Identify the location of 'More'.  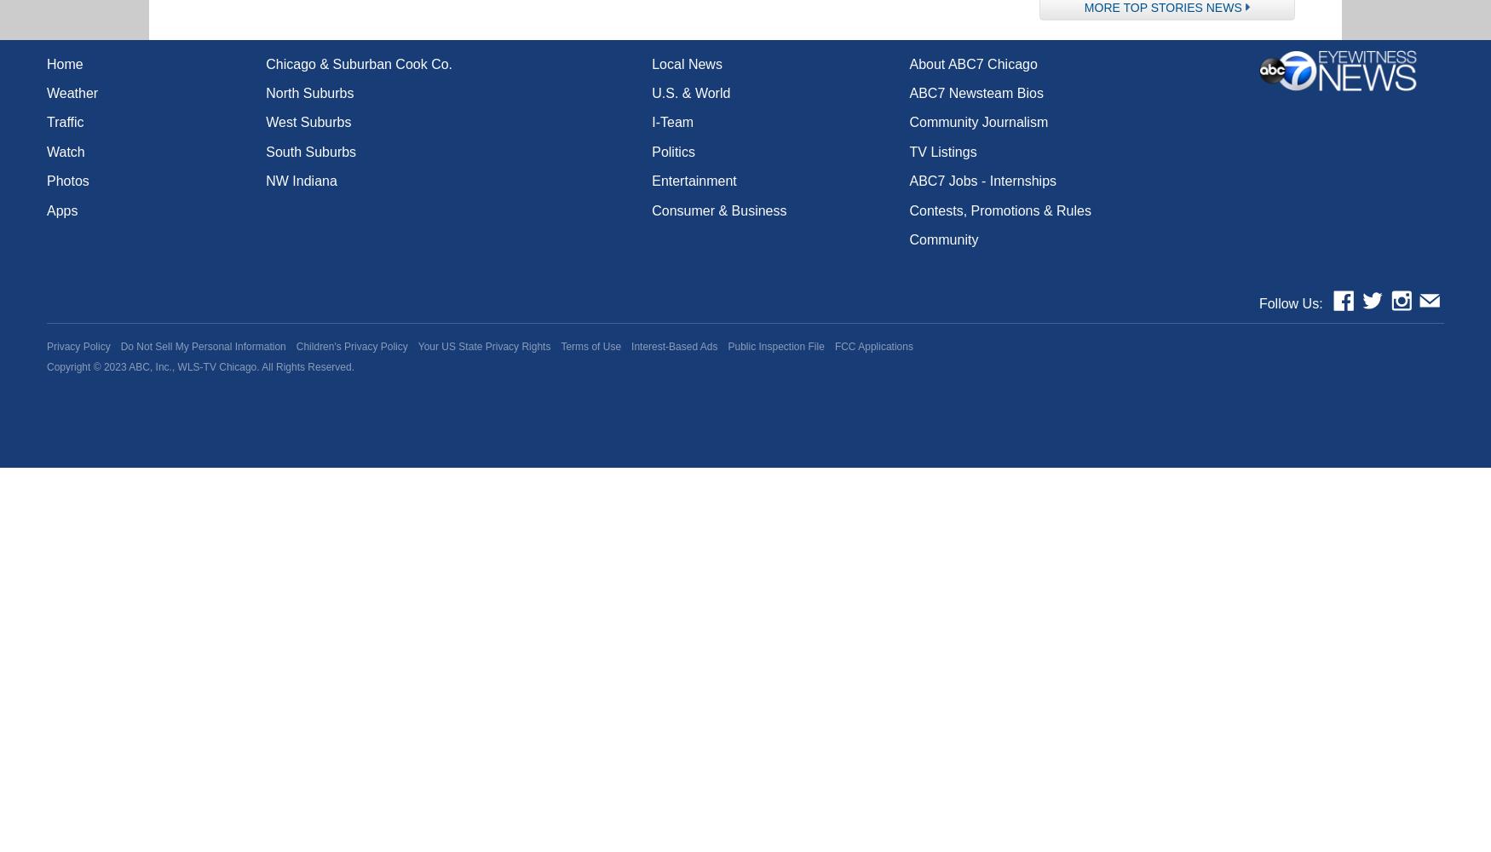
(1102, 7).